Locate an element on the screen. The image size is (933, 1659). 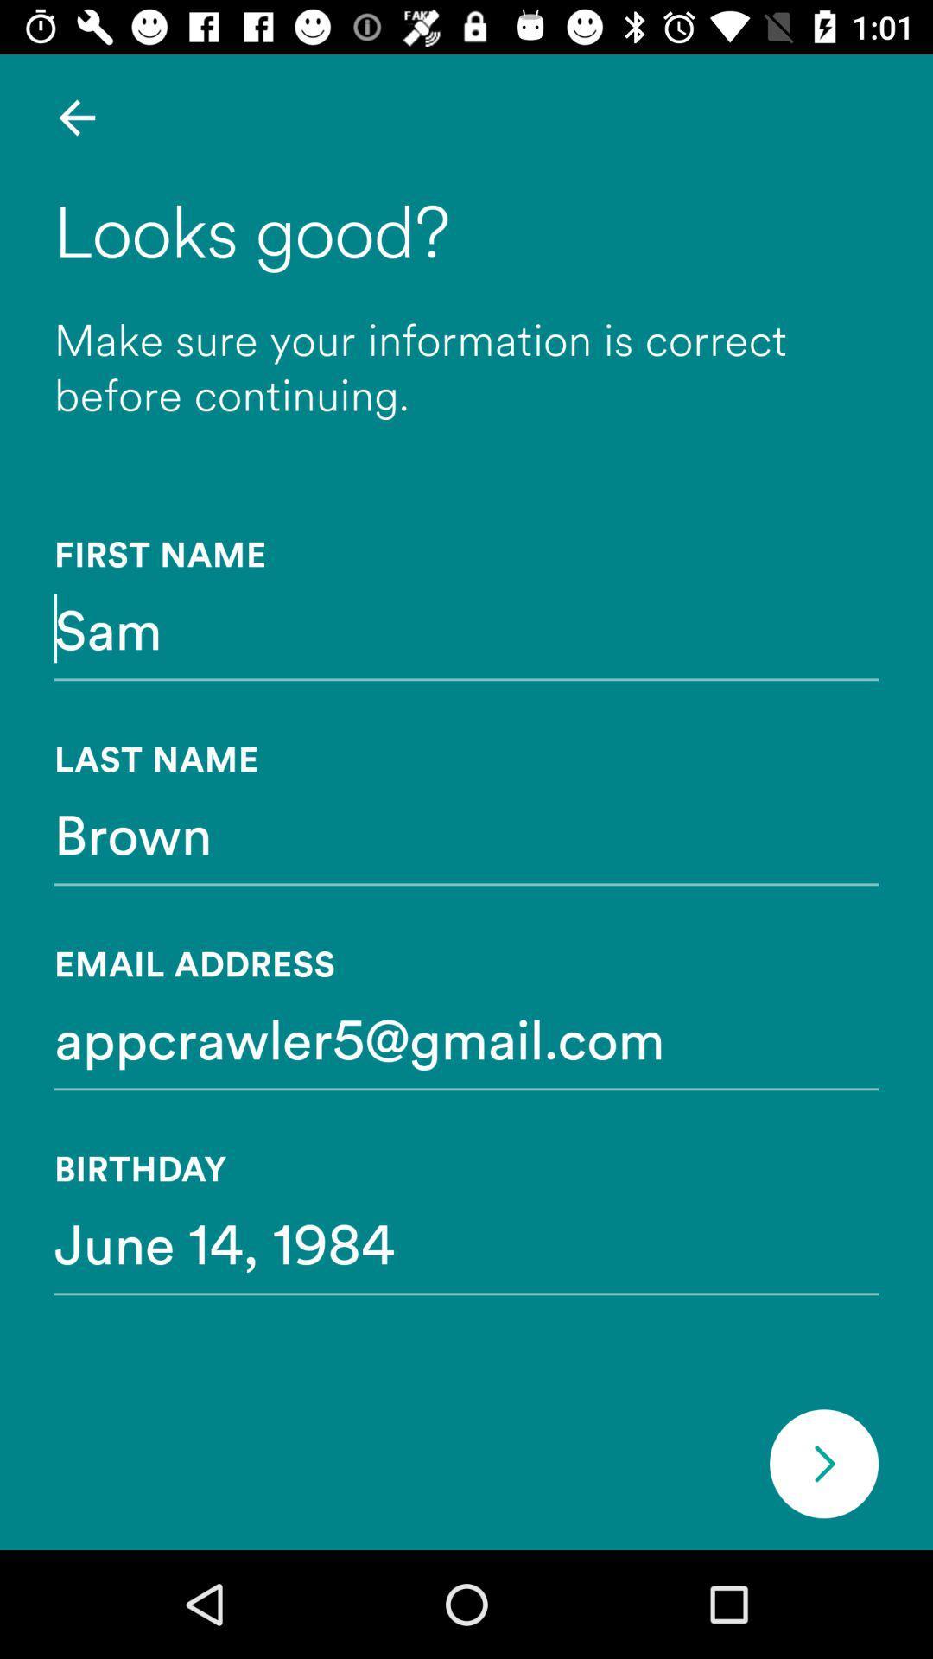
sam item is located at coordinates (466, 627).